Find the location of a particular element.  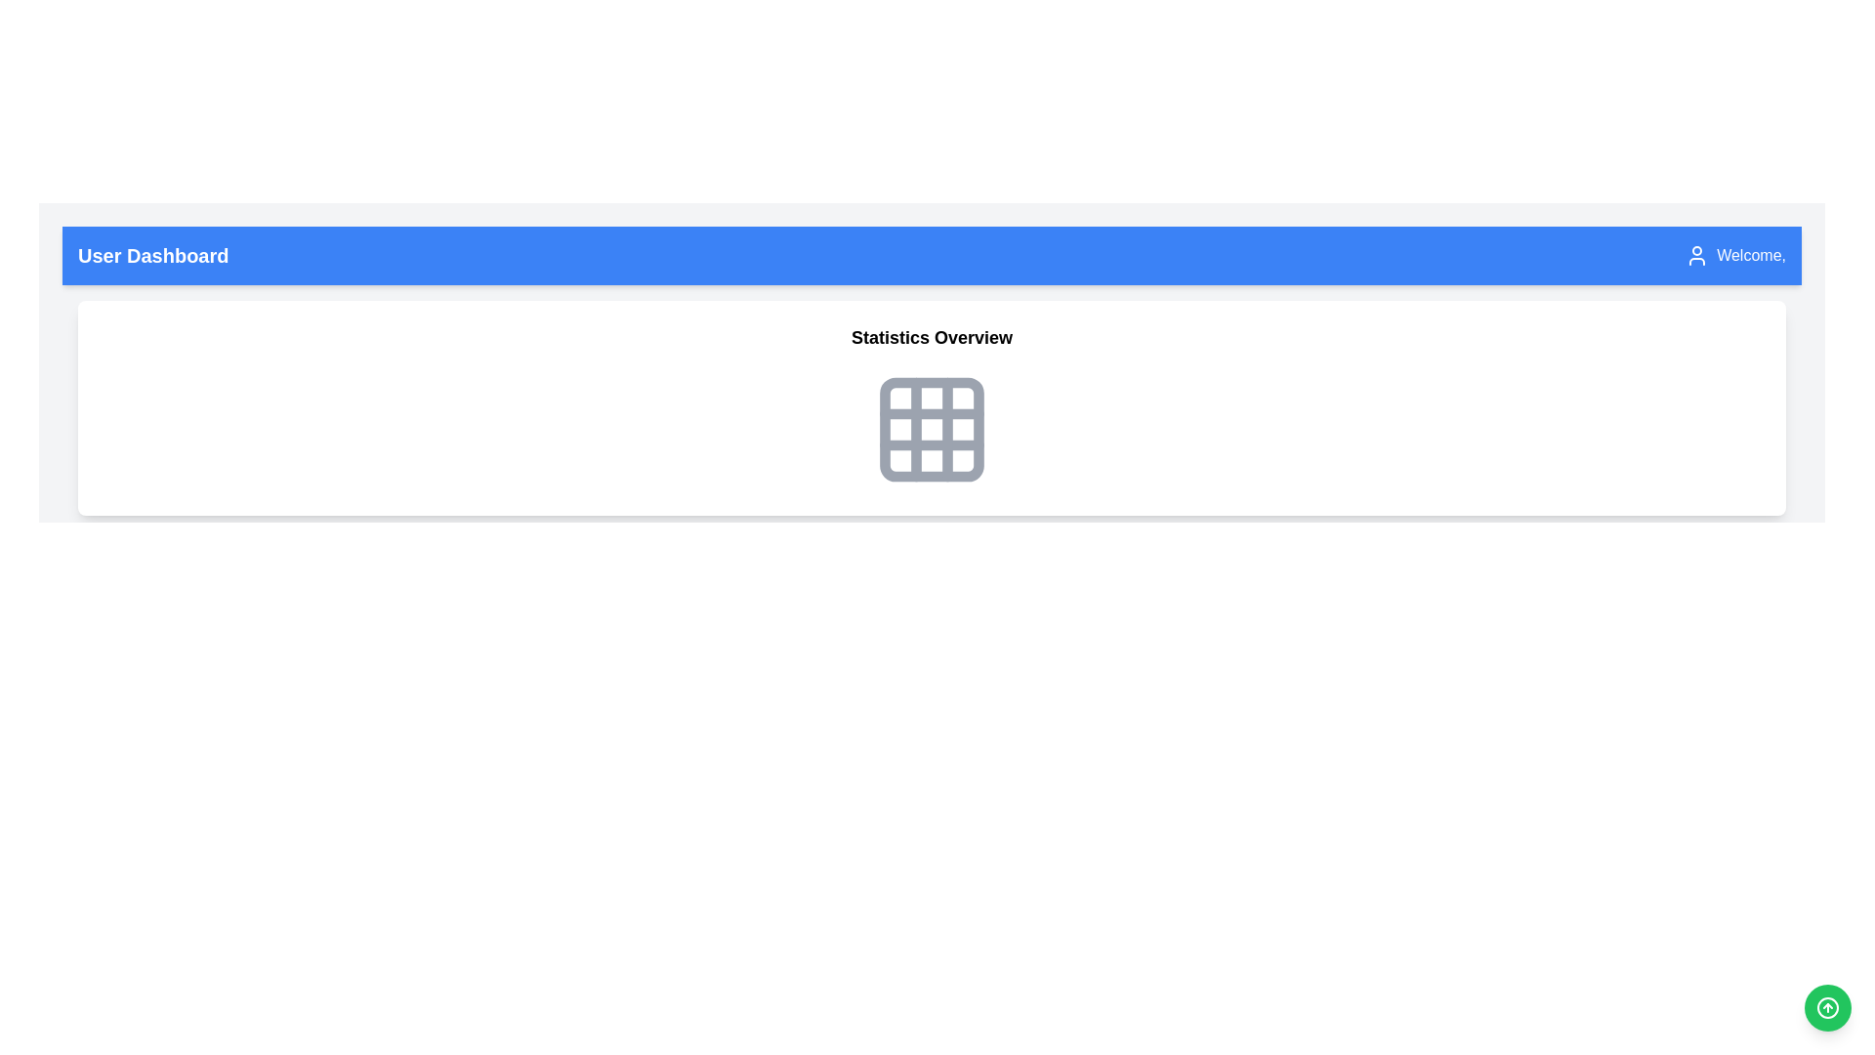

the user icon located towards the far right of the blue header section, which is positioned to the left of the text 'Welcome' is located at coordinates (1696, 255).